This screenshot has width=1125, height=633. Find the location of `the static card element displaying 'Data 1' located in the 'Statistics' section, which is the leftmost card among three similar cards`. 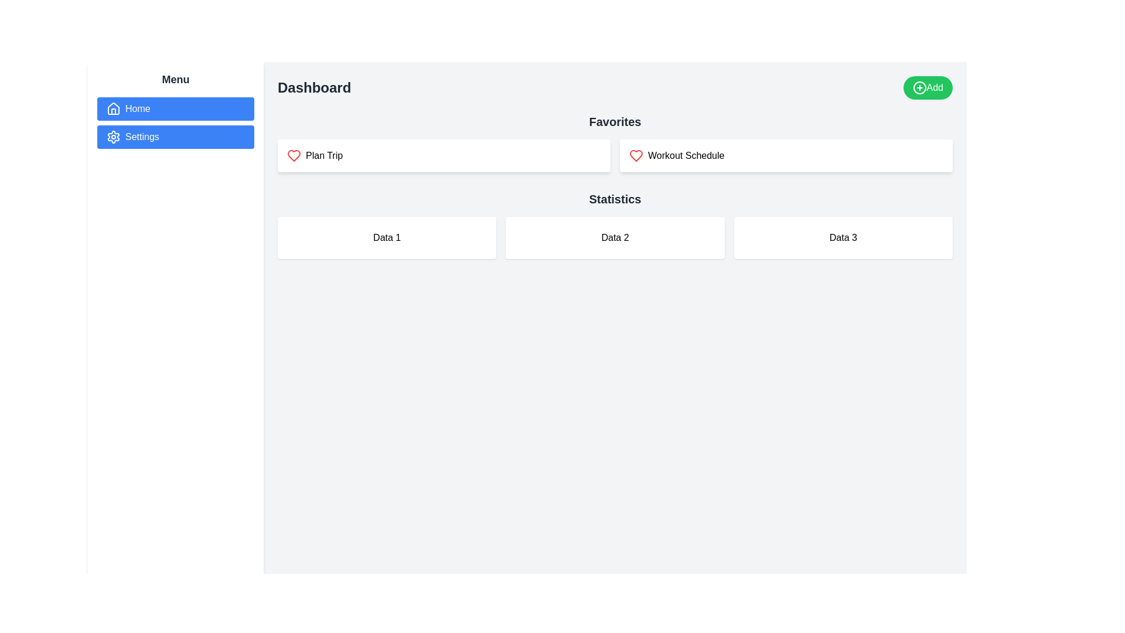

the static card element displaying 'Data 1' located in the 'Statistics' section, which is the leftmost card among three similar cards is located at coordinates (387, 237).